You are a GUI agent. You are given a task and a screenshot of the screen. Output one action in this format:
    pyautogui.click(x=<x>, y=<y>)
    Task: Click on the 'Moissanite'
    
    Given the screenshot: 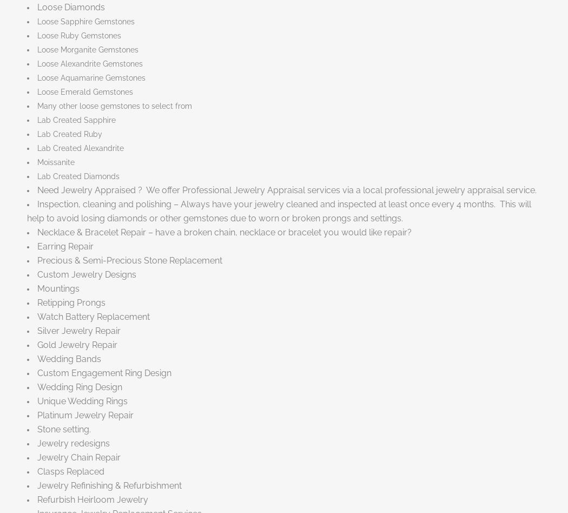 What is the action you would take?
    pyautogui.click(x=56, y=161)
    